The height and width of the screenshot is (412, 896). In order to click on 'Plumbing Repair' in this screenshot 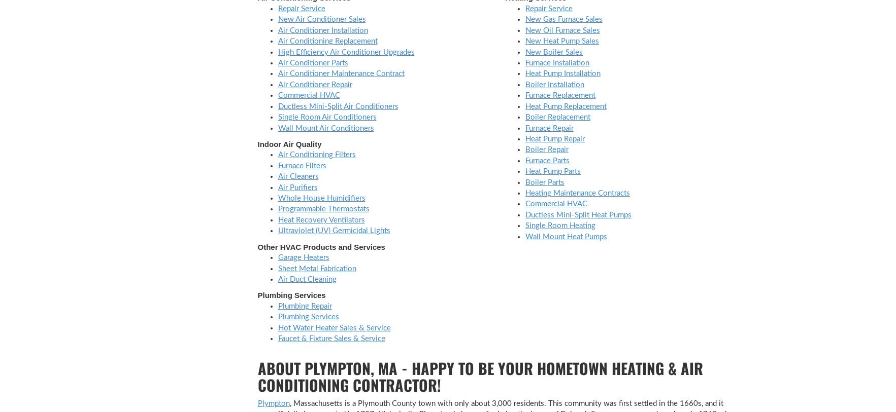, I will do `click(304, 306)`.